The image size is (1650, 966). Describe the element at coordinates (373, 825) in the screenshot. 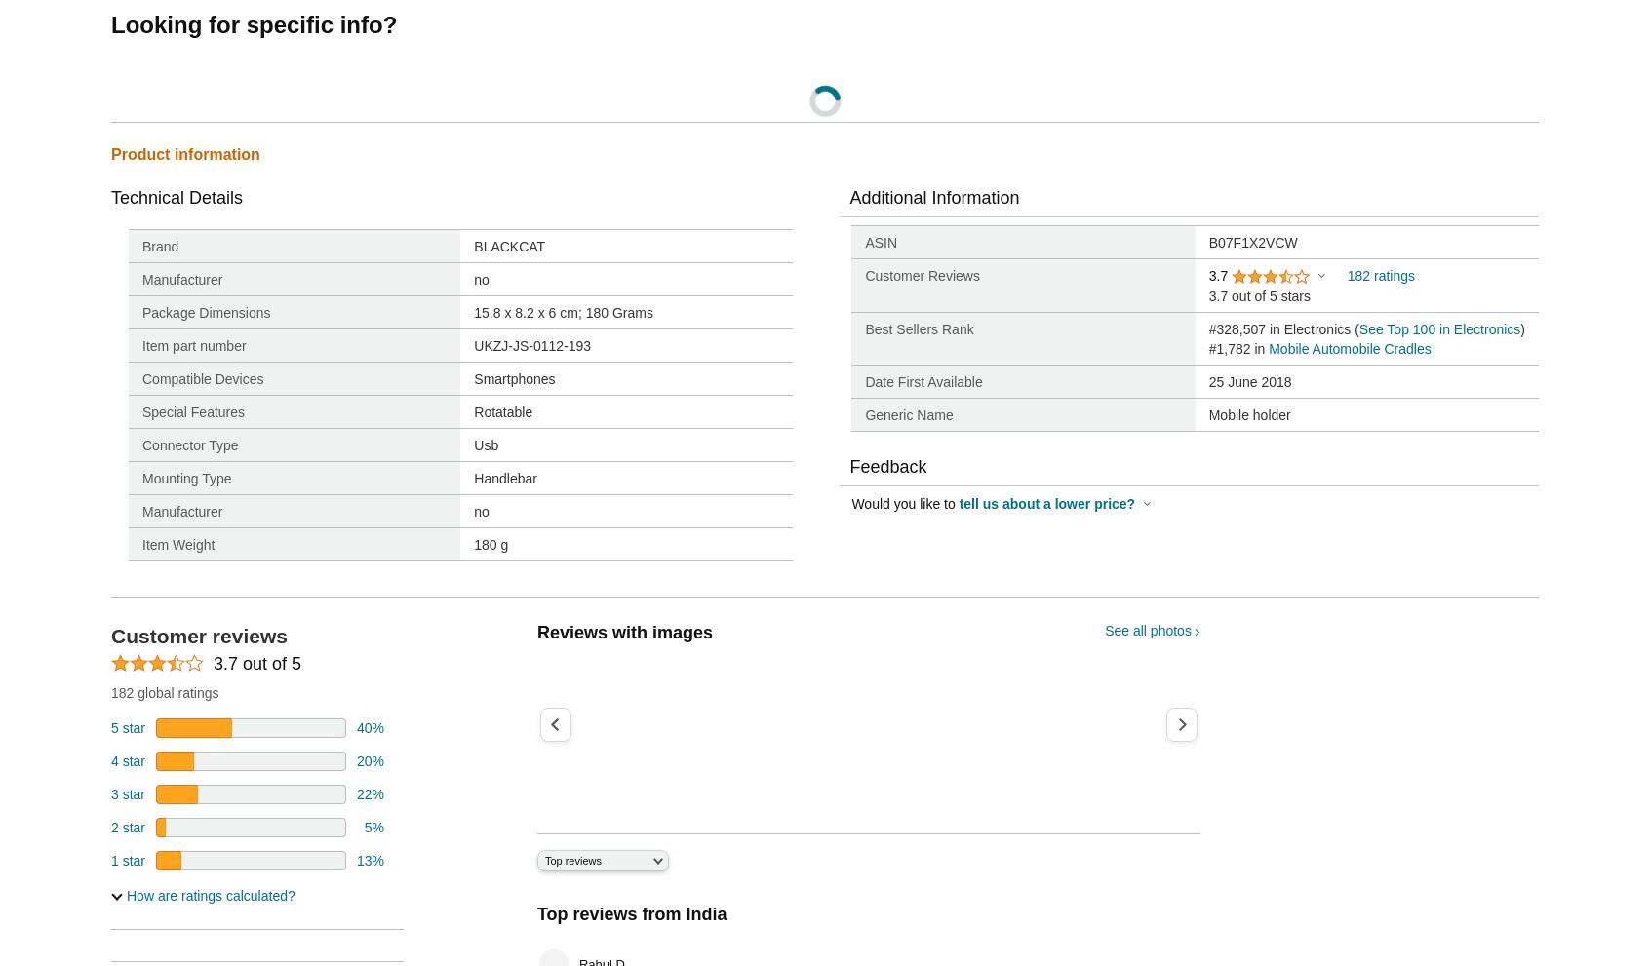

I see `'5%'` at that location.